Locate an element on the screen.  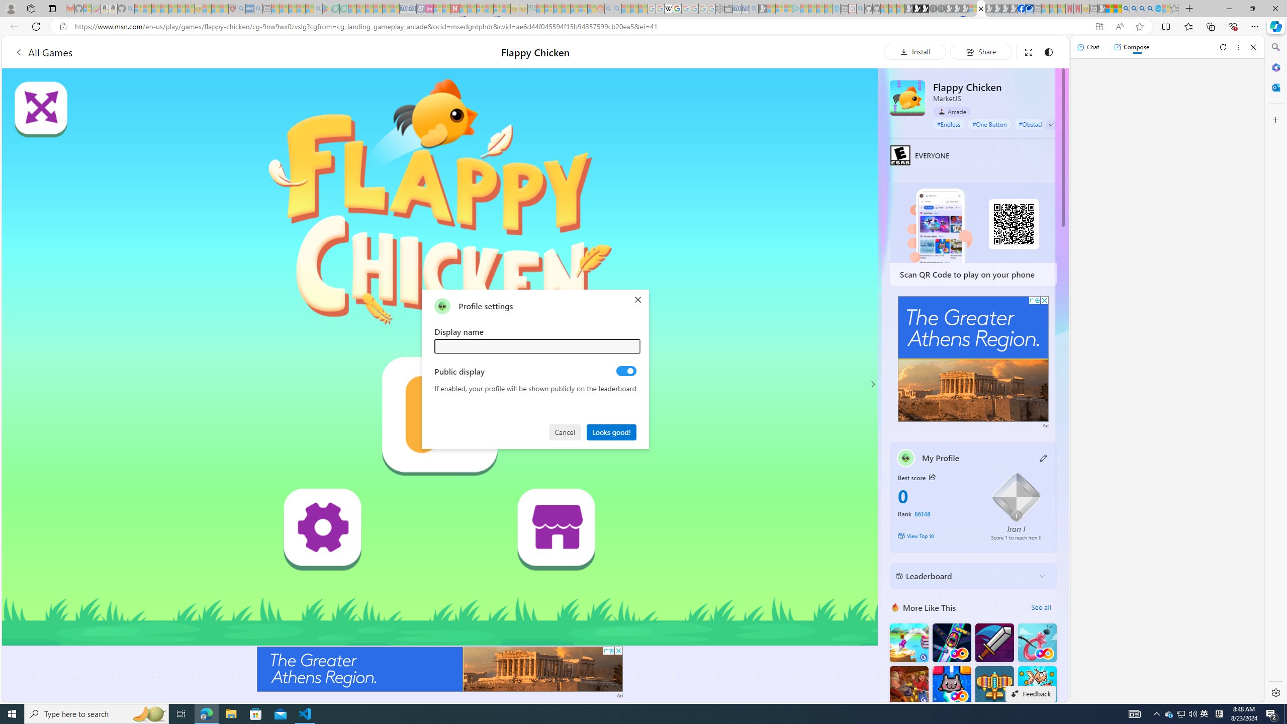
'Advertisement' is located at coordinates (973, 358).